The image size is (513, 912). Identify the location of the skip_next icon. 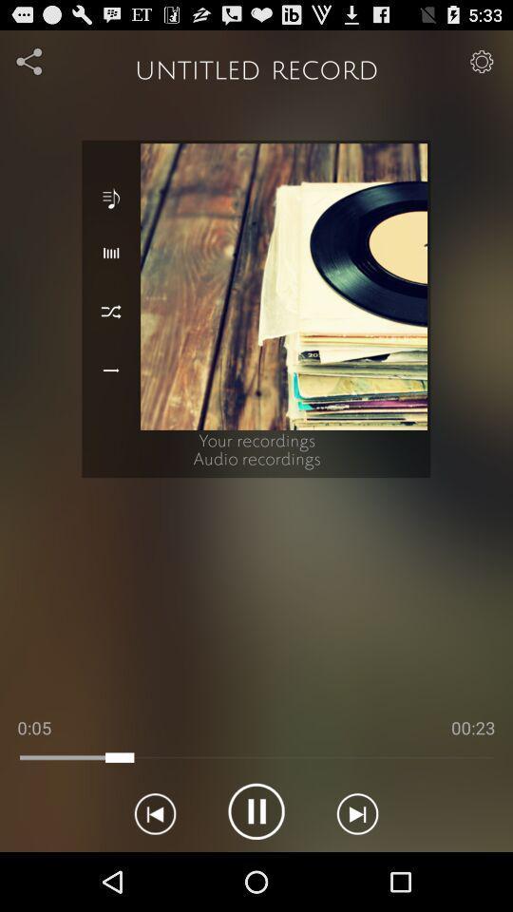
(357, 868).